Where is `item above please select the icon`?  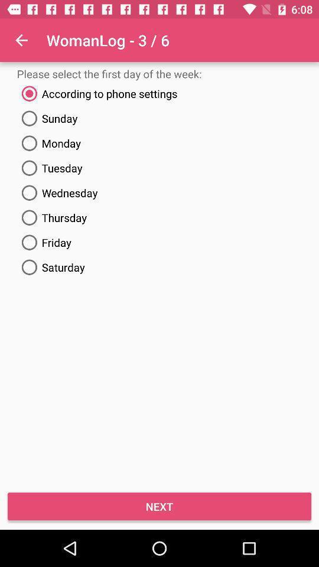
item above please select the icon is located at coordinates (21, 40).